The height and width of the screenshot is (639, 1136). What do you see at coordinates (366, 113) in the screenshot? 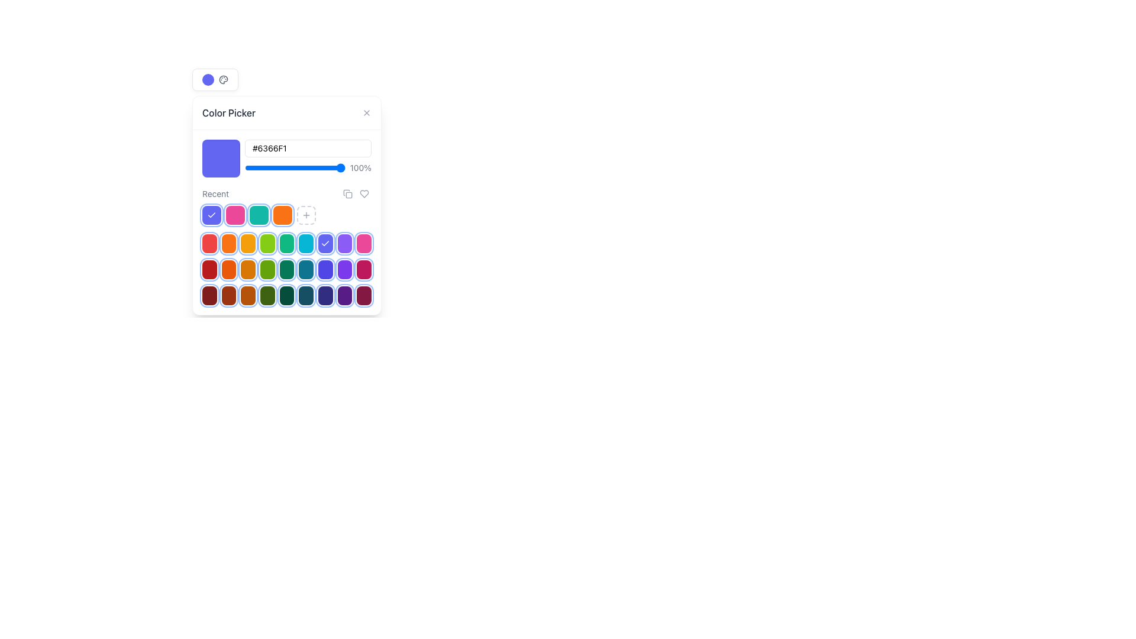
I see `the small square button with a gray outline and a close icon ('X') in the top-right corner of the 'Color Picker' interface` at bounding box center [366, 113].